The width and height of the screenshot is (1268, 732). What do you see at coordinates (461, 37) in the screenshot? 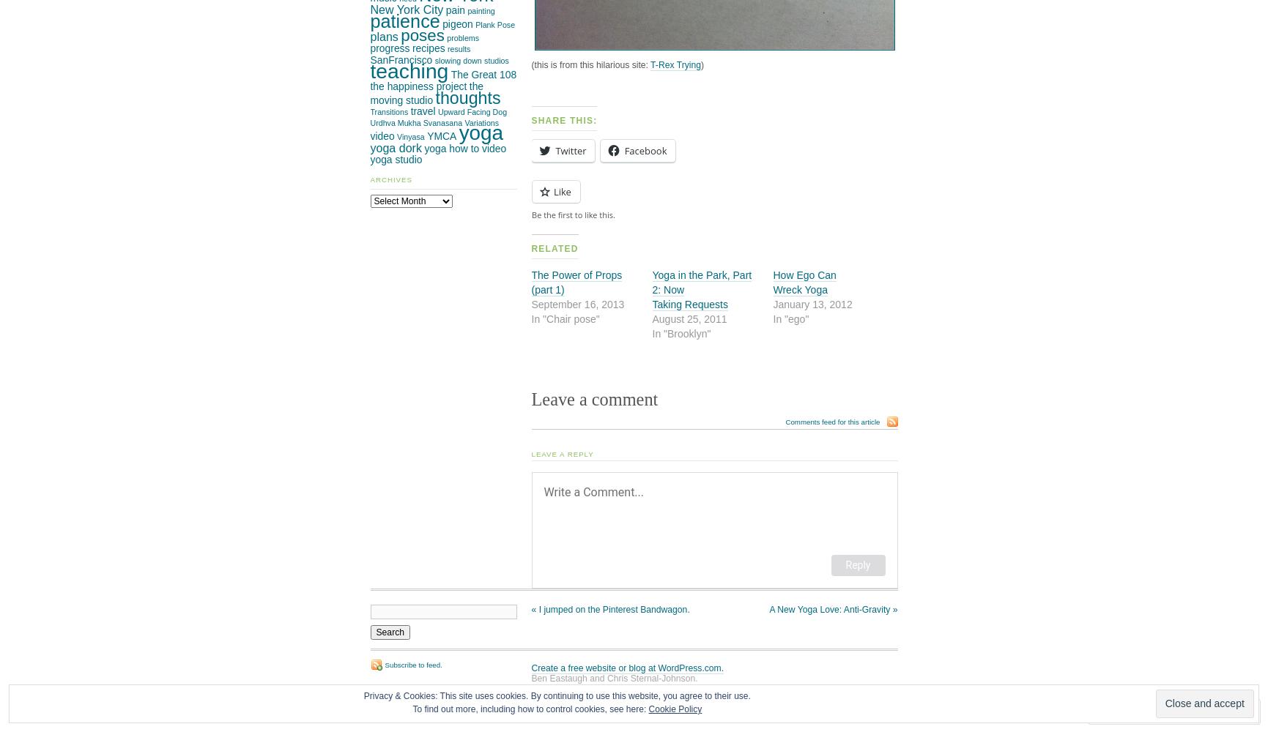
I see `'problems'` at bounding box center [461, 37].